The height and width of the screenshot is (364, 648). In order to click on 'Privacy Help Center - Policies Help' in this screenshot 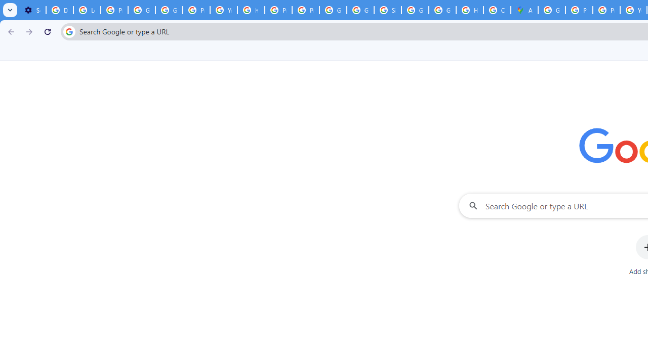, I will do `click(579, 10)`.